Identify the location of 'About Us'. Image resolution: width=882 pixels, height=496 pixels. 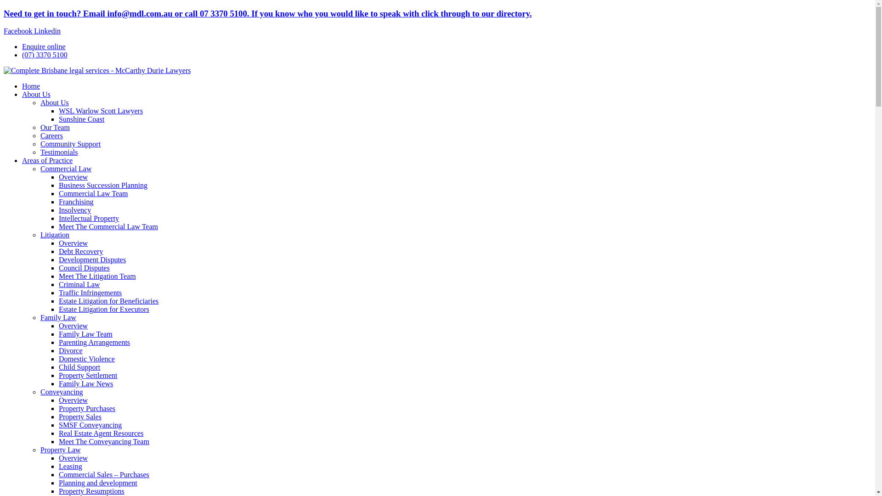
(36, 94).